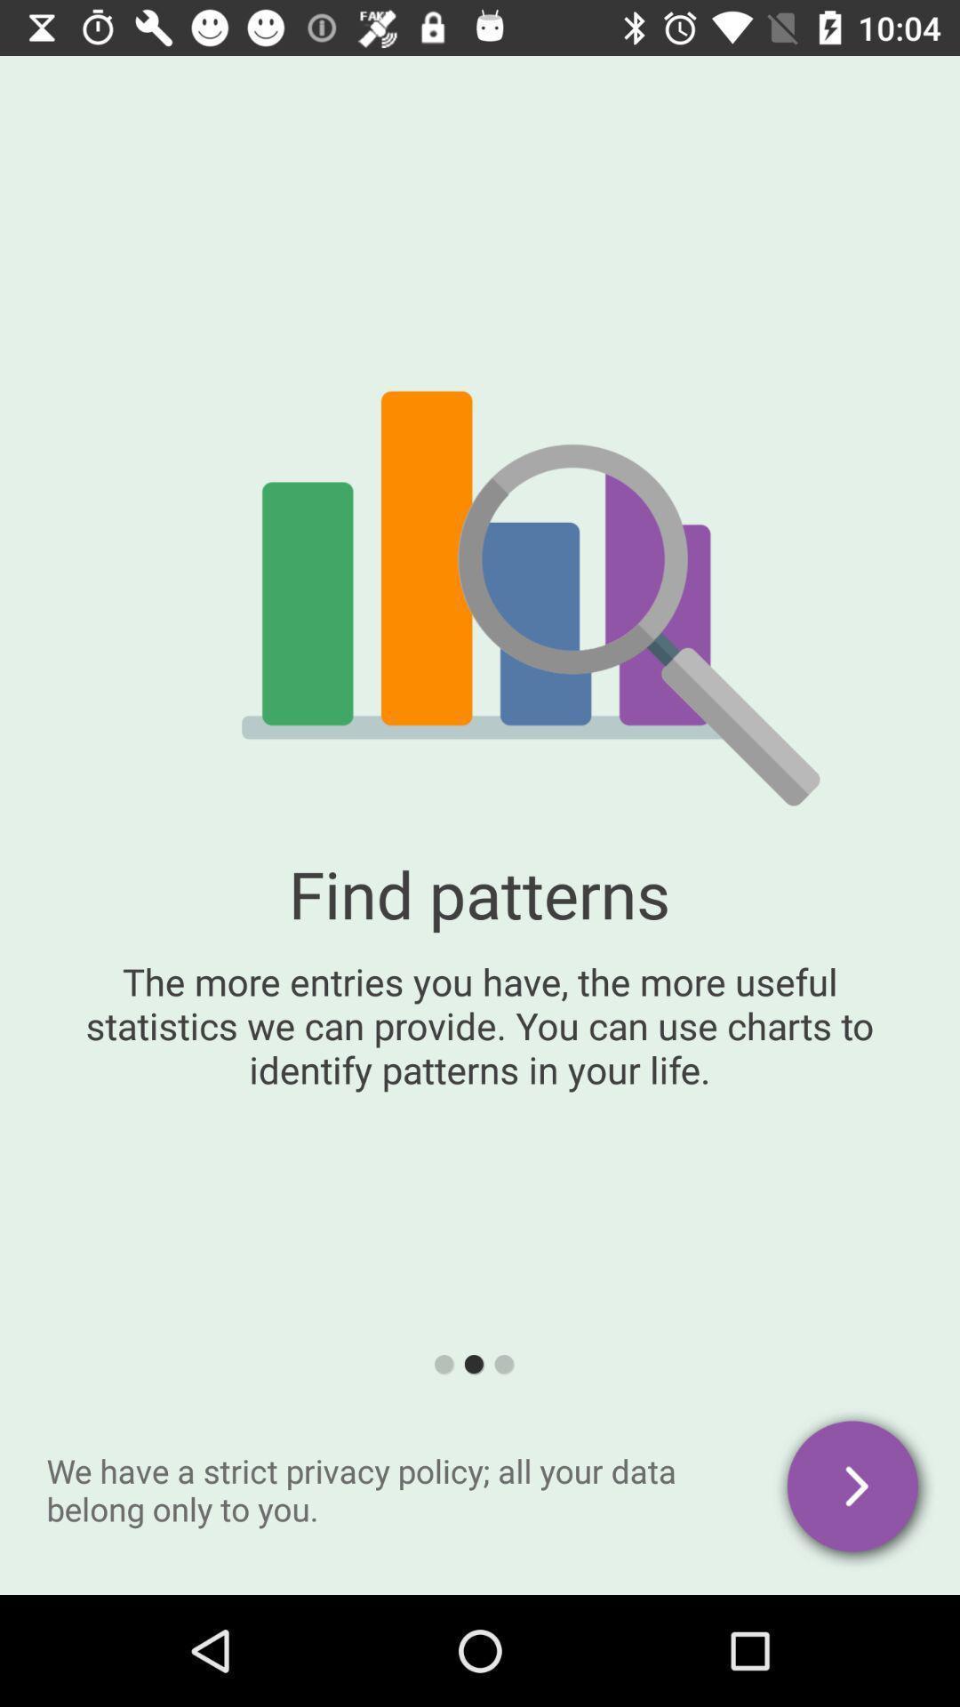 Image resolution: width=960 pixels, height=1707 pixels. What do you see at coordinates (853, 1489) in the screenshot?
I see `go next` at bounding box center [853, 1489].